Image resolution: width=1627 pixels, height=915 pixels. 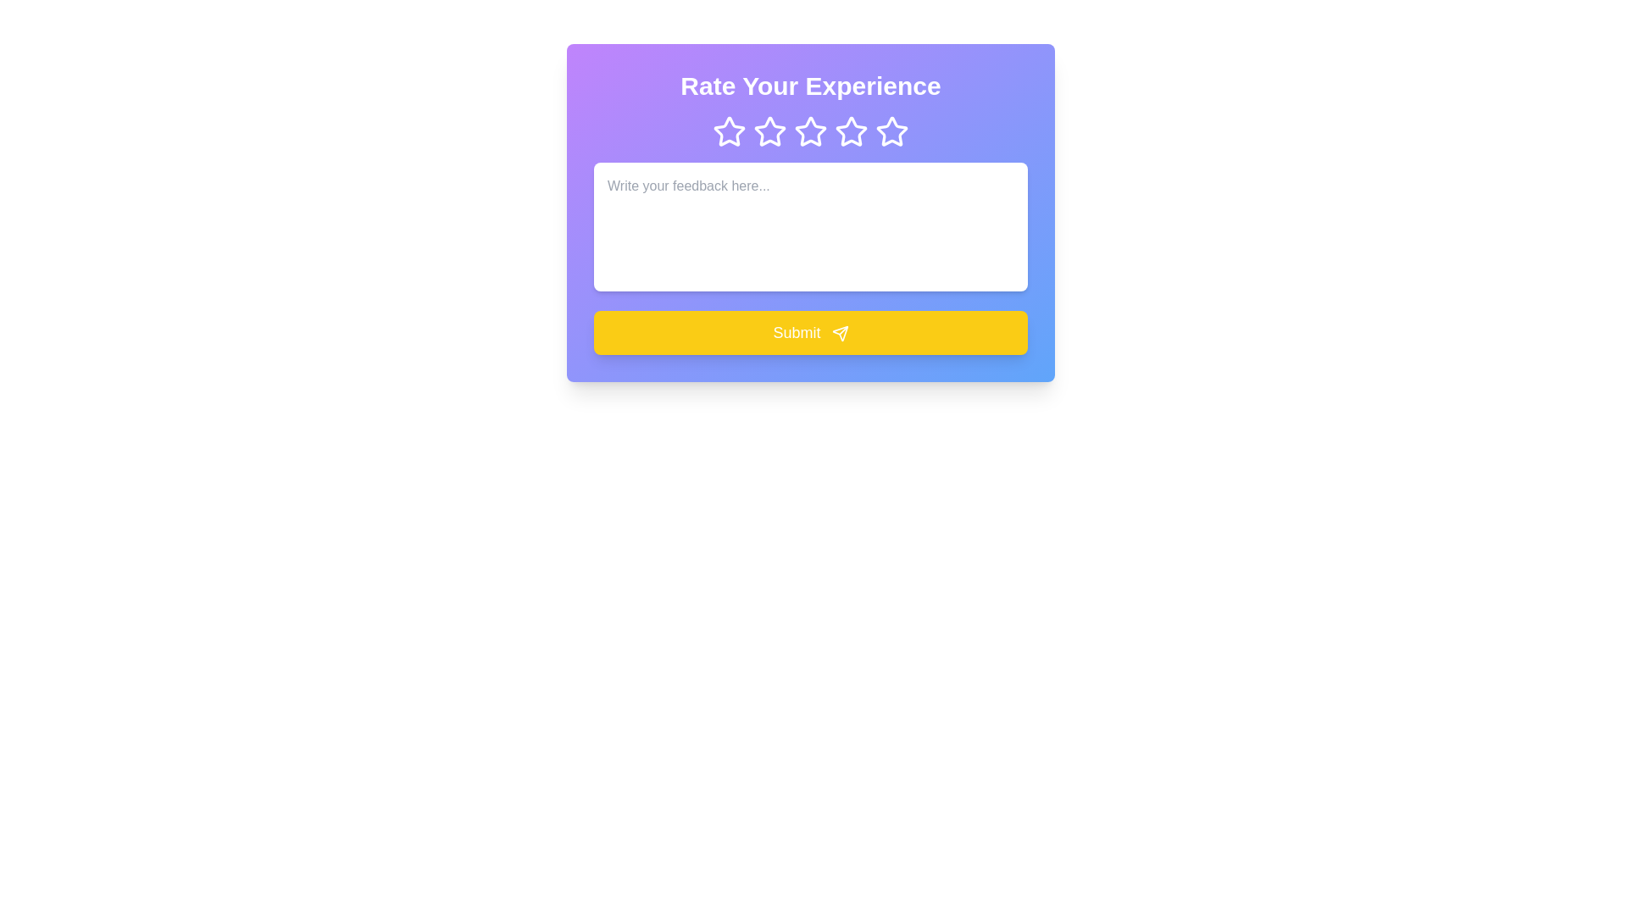 What do you see at coordinates (769, 130) in the screenshot?
I see `on the second star from the left in the rating feedback system` at bounding box center [769, 130].